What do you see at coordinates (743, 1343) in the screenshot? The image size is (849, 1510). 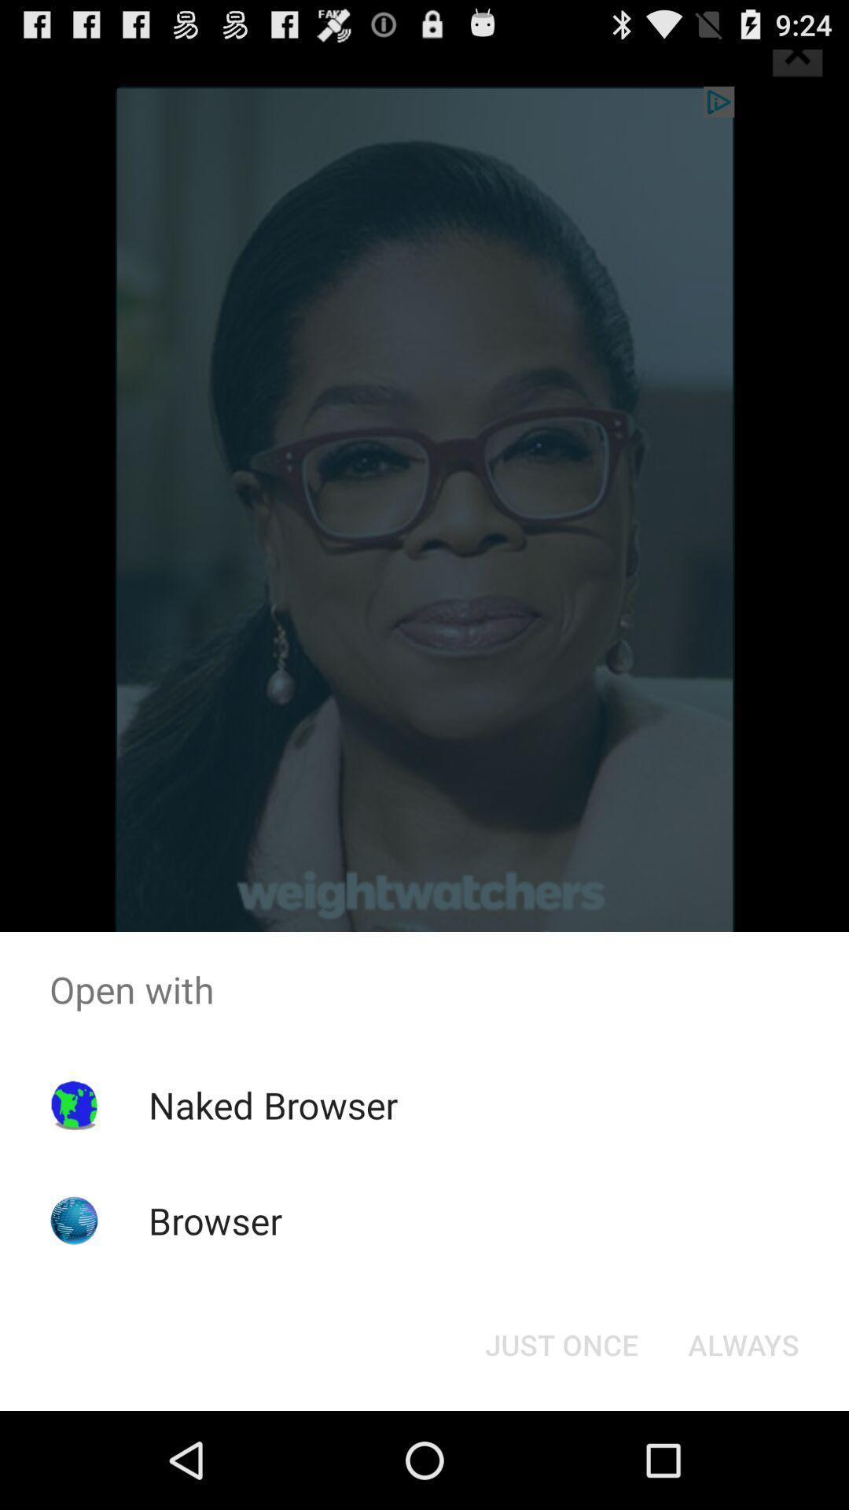 I see `the icon to the right of the just once button` at bounding box center [743, 1343].